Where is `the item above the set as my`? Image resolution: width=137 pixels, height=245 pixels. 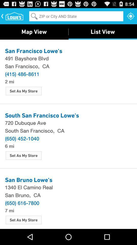
the item above the set as my is located at coordinates (9, 81).